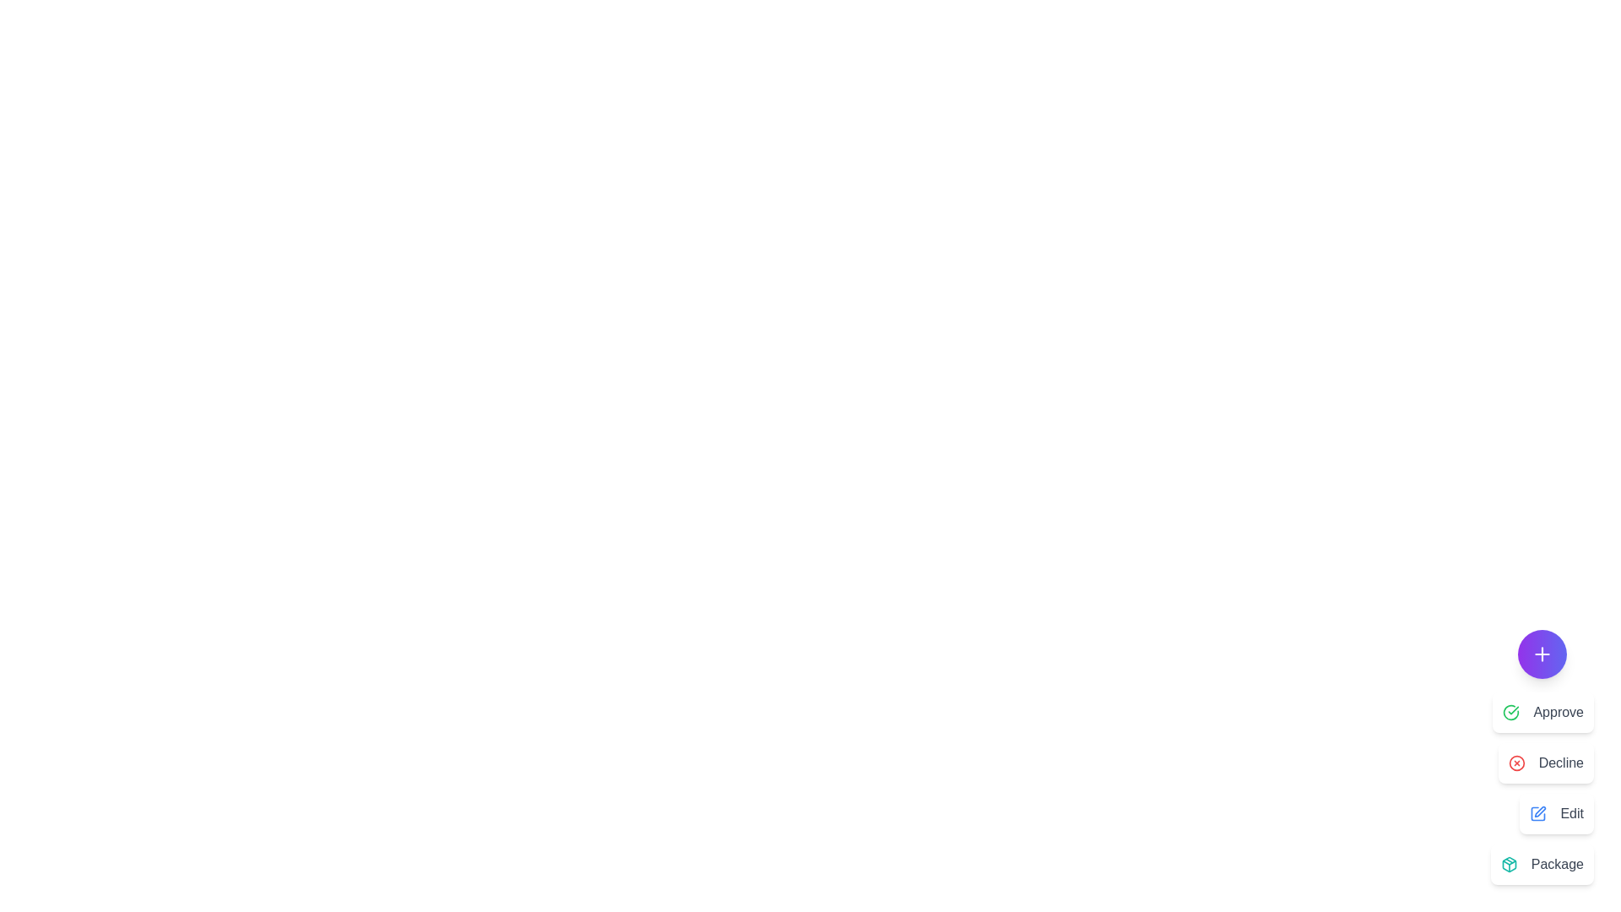 The width and height of the screenshot is (1621, 912). Describe the element at coordinates (1542, 654) in the screenshot. I see `the main button of the ManagementSpeedDial component to toggle the menu display` at that location.